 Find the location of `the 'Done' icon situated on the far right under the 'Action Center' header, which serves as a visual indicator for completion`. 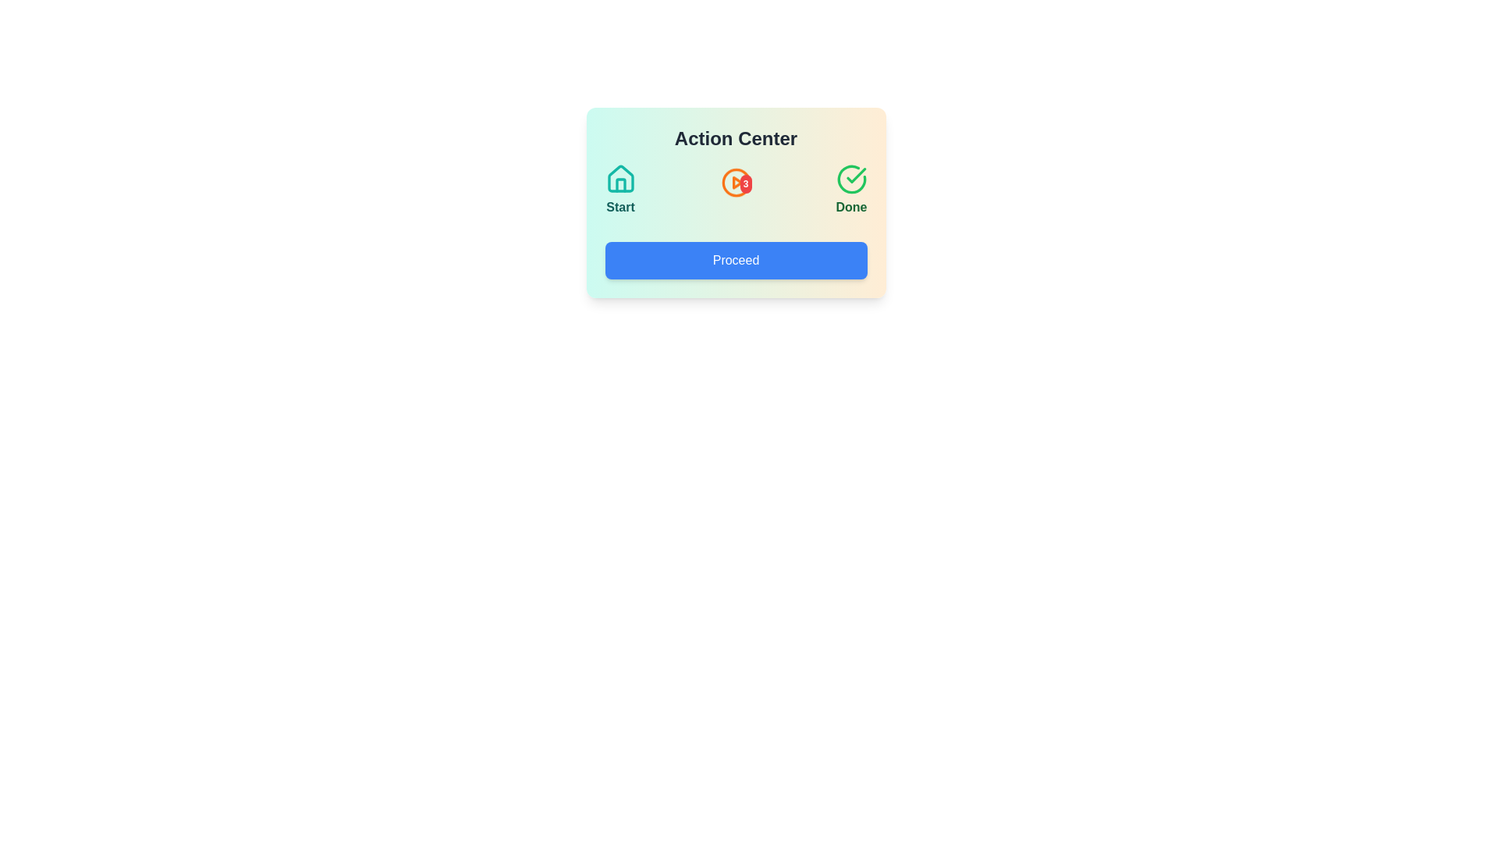

the 'Done' icon situated on the far right under the 'Action Center' header, which serves as a visual indicator for completion is located at coordinates (850, 179).